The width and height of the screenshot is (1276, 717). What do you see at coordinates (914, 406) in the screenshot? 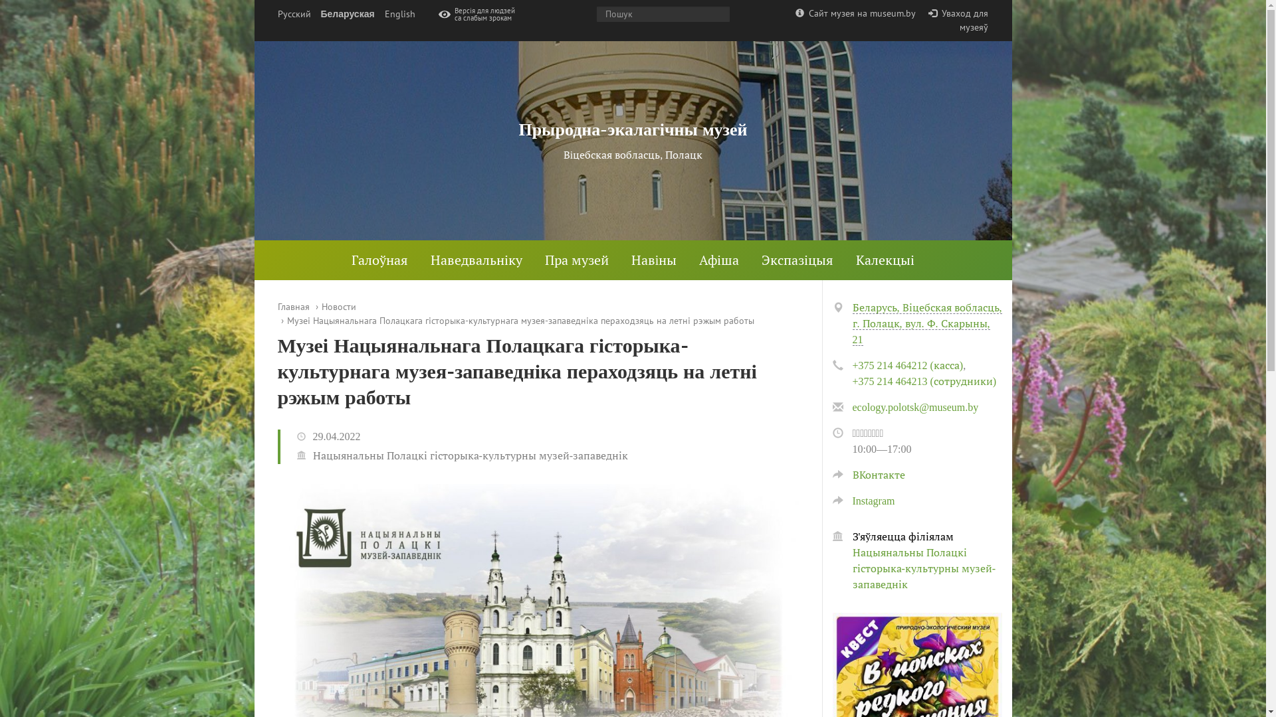
I see `'ecology.polotsk@museum.by'` at bounding box center [914, 406].